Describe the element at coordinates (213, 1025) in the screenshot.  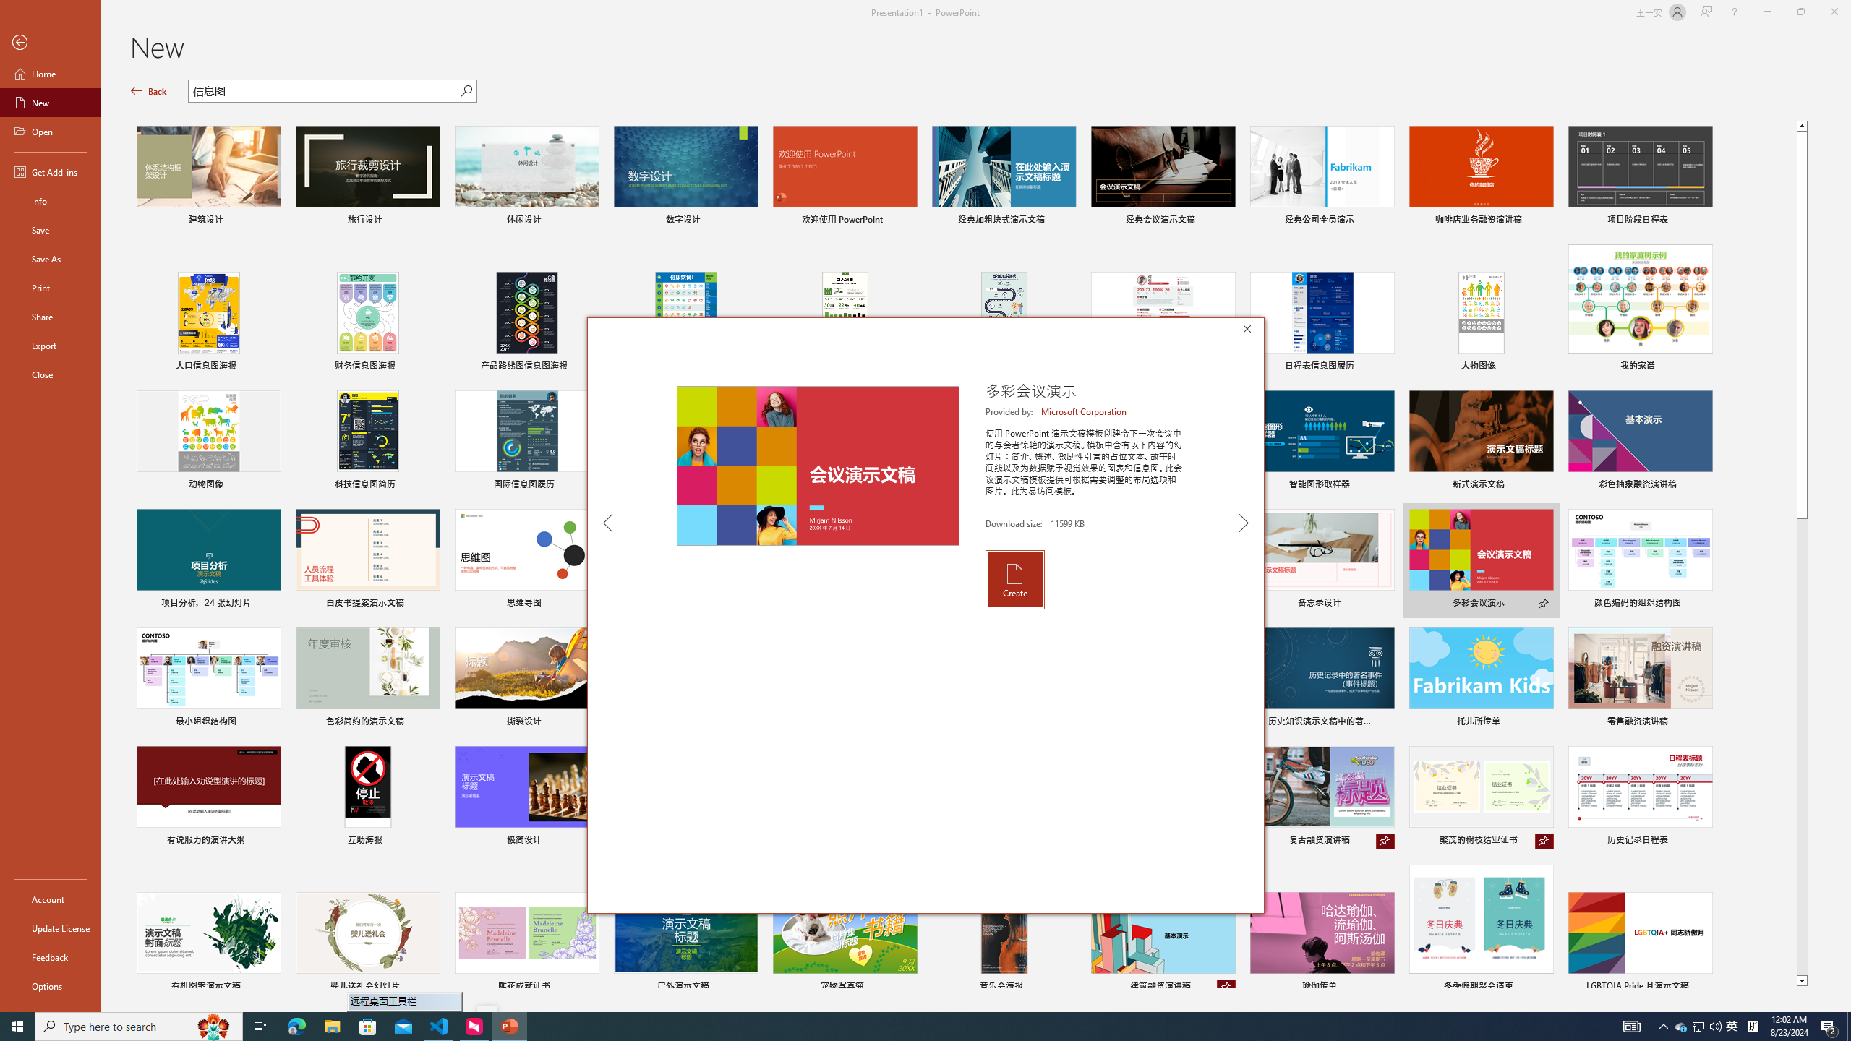
I see `'Search highlights icon opens search home window'` at that location.